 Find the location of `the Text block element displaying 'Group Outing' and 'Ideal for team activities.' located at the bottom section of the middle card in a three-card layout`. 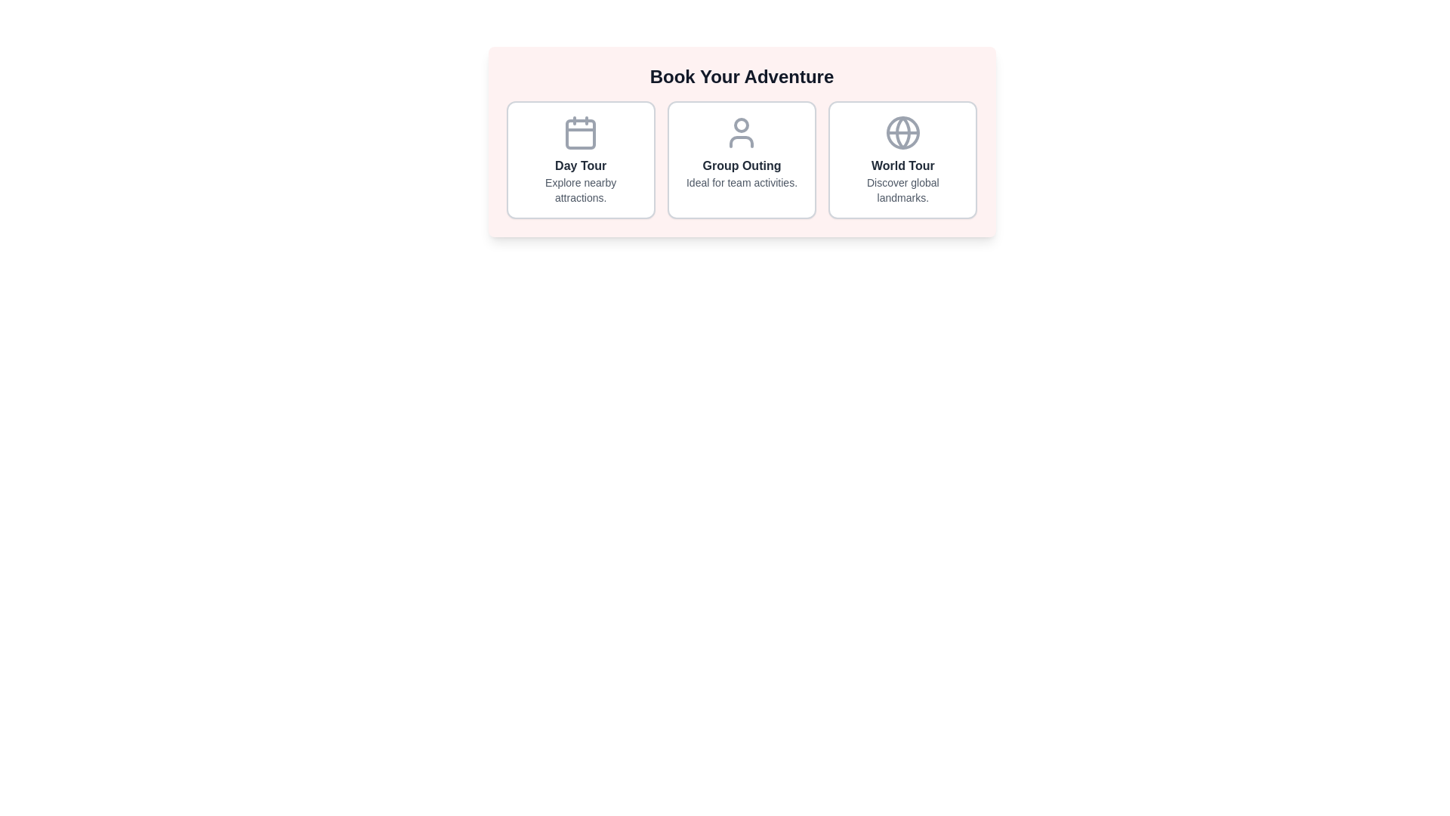

the Text block element displaying 'Group Outing' and 'Ideal for team activities.' located at the bottom section of the middle card in a three-card layout is located at coordinates (742, 173).